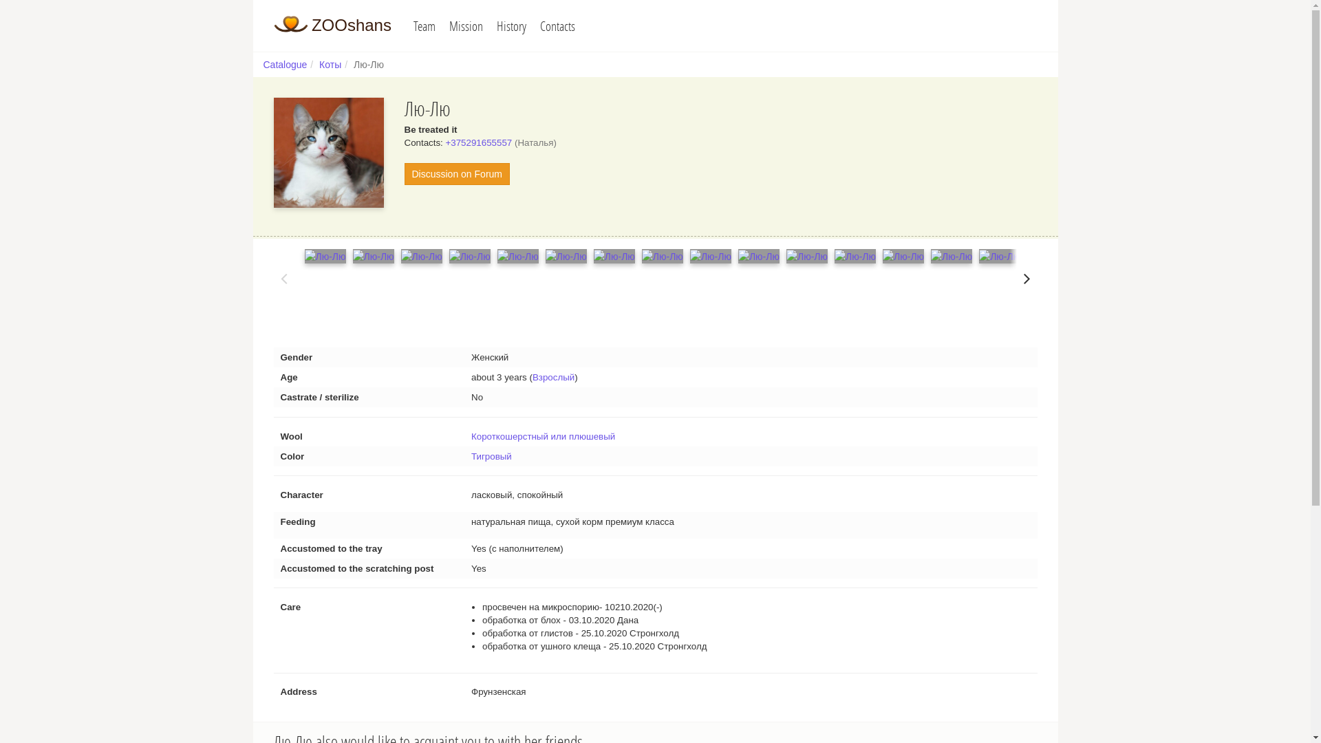 The height and width of the screenshot is (743, 1321). Describe the element at coordinates (442, 25) in the screenshot. I see `'Mission'` at that location.